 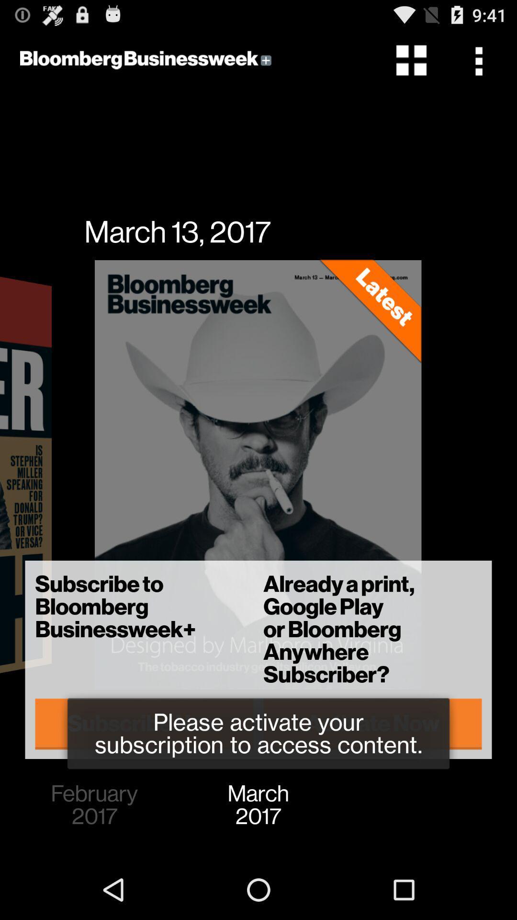 What do you see at coordinates (482, 59) in the screenshot?
I see `the item above already a print icon` at bounding box center [482, 59].